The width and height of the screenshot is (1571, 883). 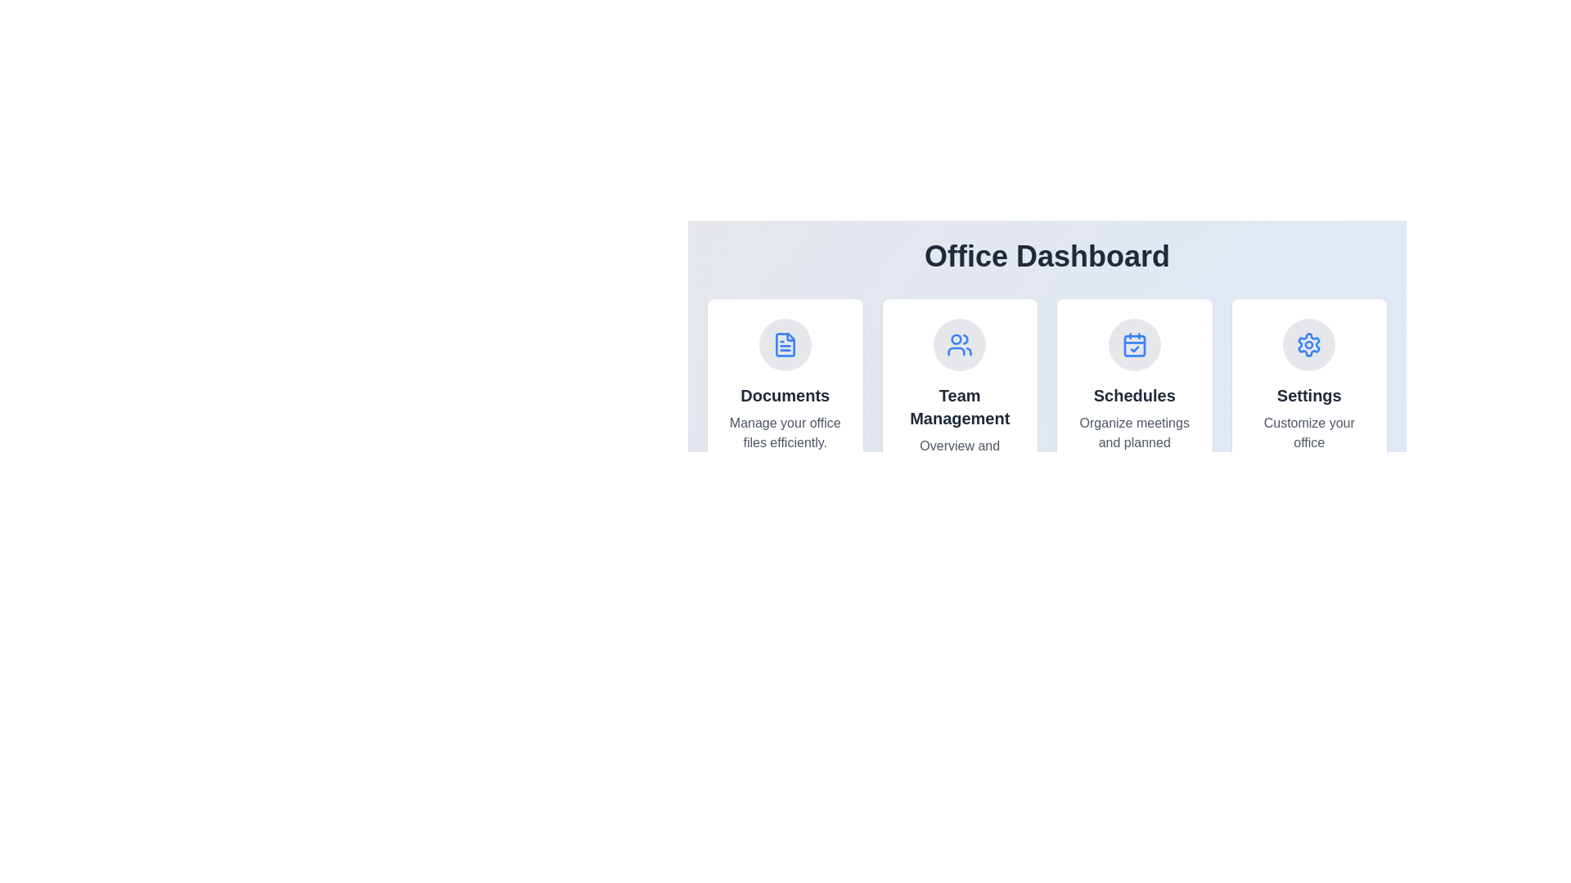 What do you see at coordinates (1133, 406) in the screenshot?
I see `the 'Schedules' card, which is the third element in the grid layout, positioned between 'Team Management' and 'Settings'` at bounding box center [1133, 406].